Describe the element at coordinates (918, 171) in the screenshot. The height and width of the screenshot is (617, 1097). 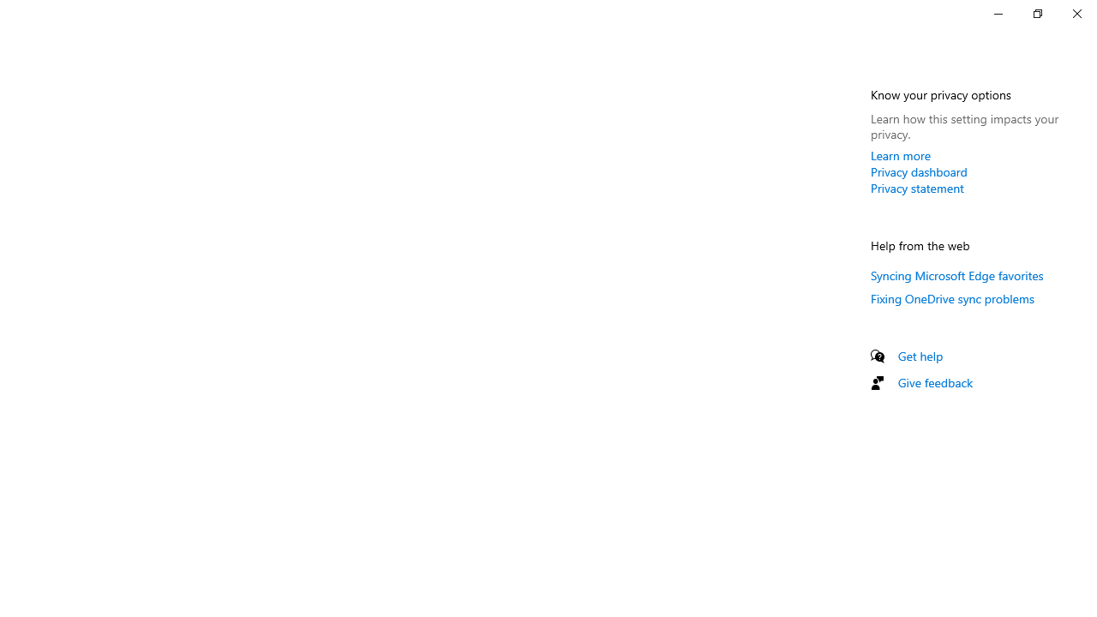
I see `'Privacy dashboard'` at that location.